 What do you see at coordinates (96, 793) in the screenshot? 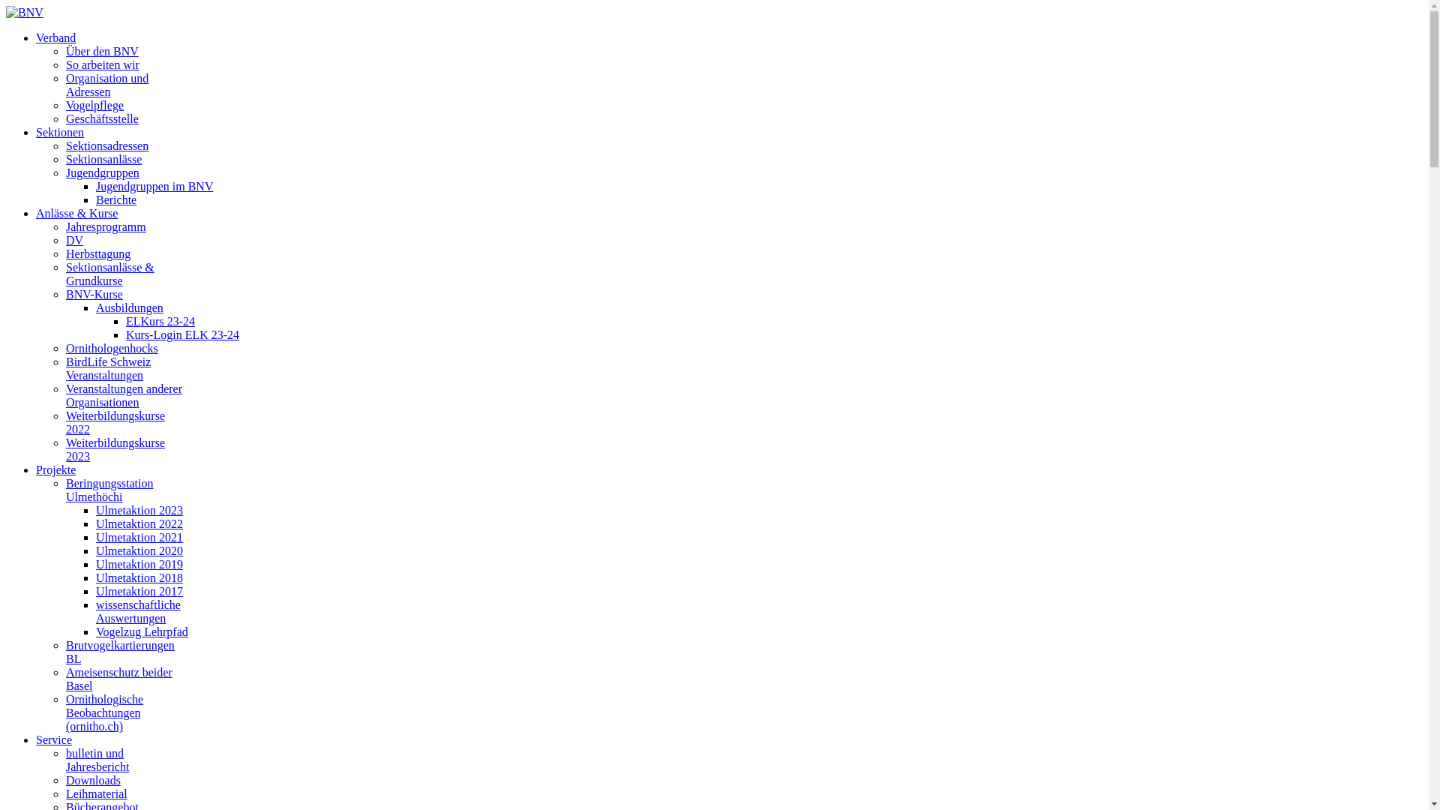
I see `'Leihmaterial'` at bounding box center [96, 793].